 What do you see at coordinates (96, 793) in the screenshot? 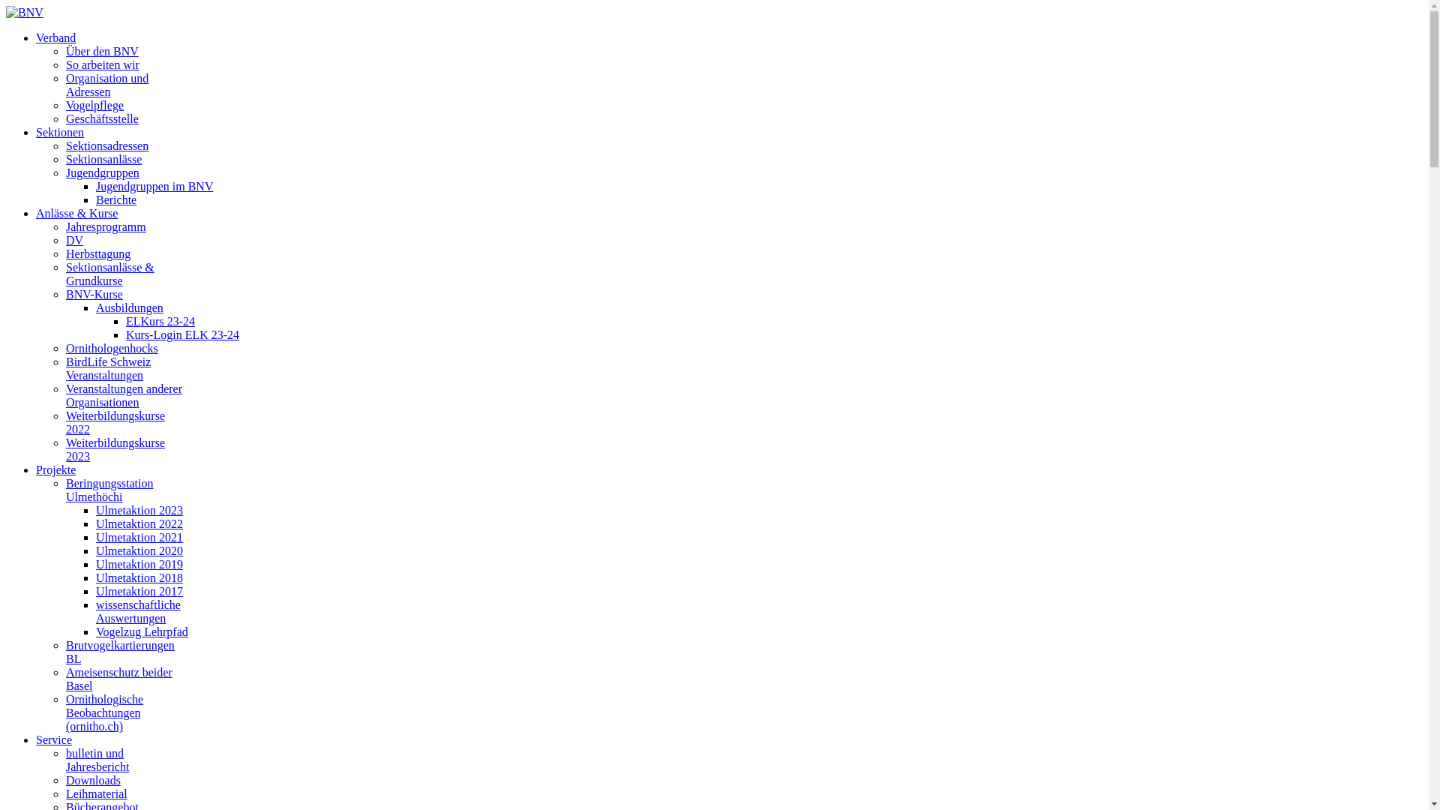
I see `'Leihmaterial'` at bounding box center [96, 793].